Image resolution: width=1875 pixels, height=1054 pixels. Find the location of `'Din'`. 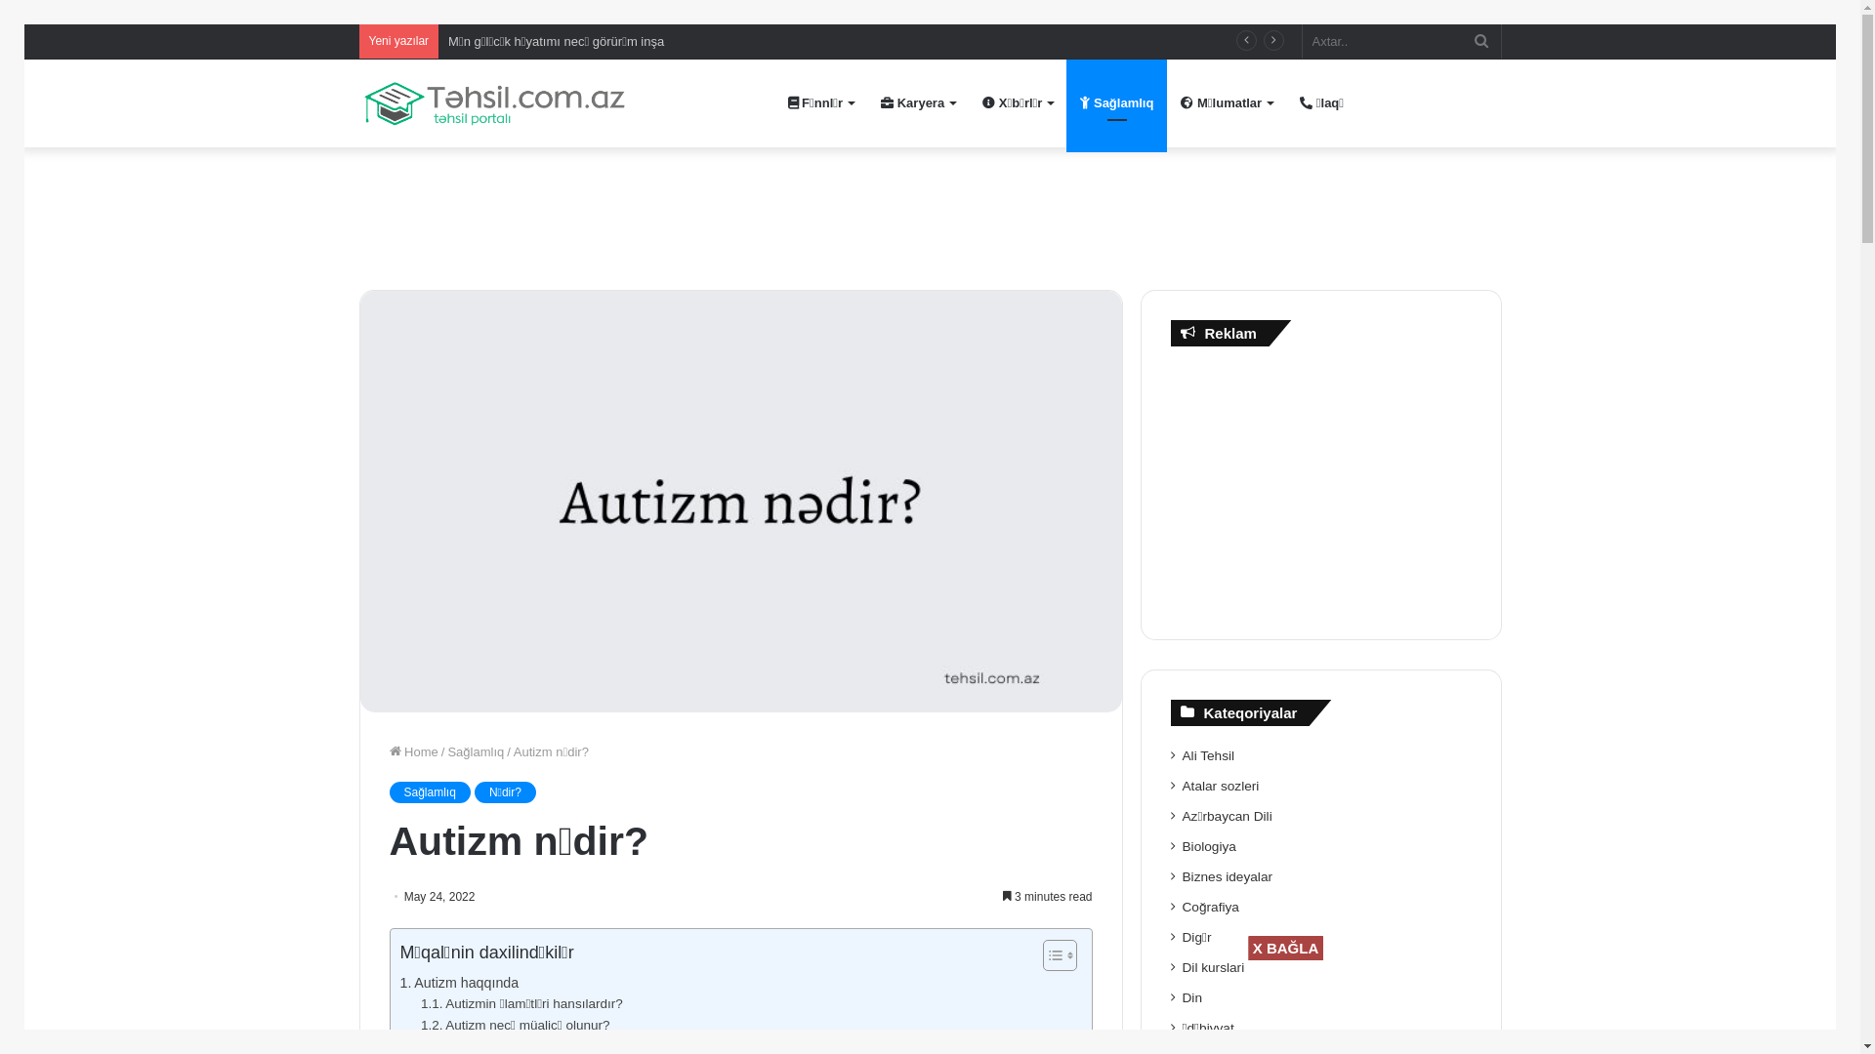

'Din' is located at coordinates (1190, 997).